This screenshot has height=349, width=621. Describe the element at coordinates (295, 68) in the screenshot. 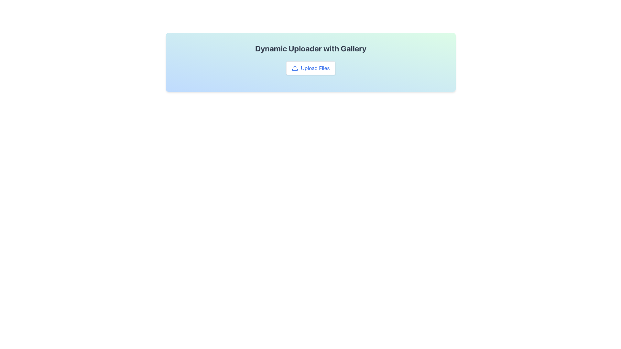

I see `the upload icon located to the left of the 'Upload Files' button within the blue gradient panel` at that location.